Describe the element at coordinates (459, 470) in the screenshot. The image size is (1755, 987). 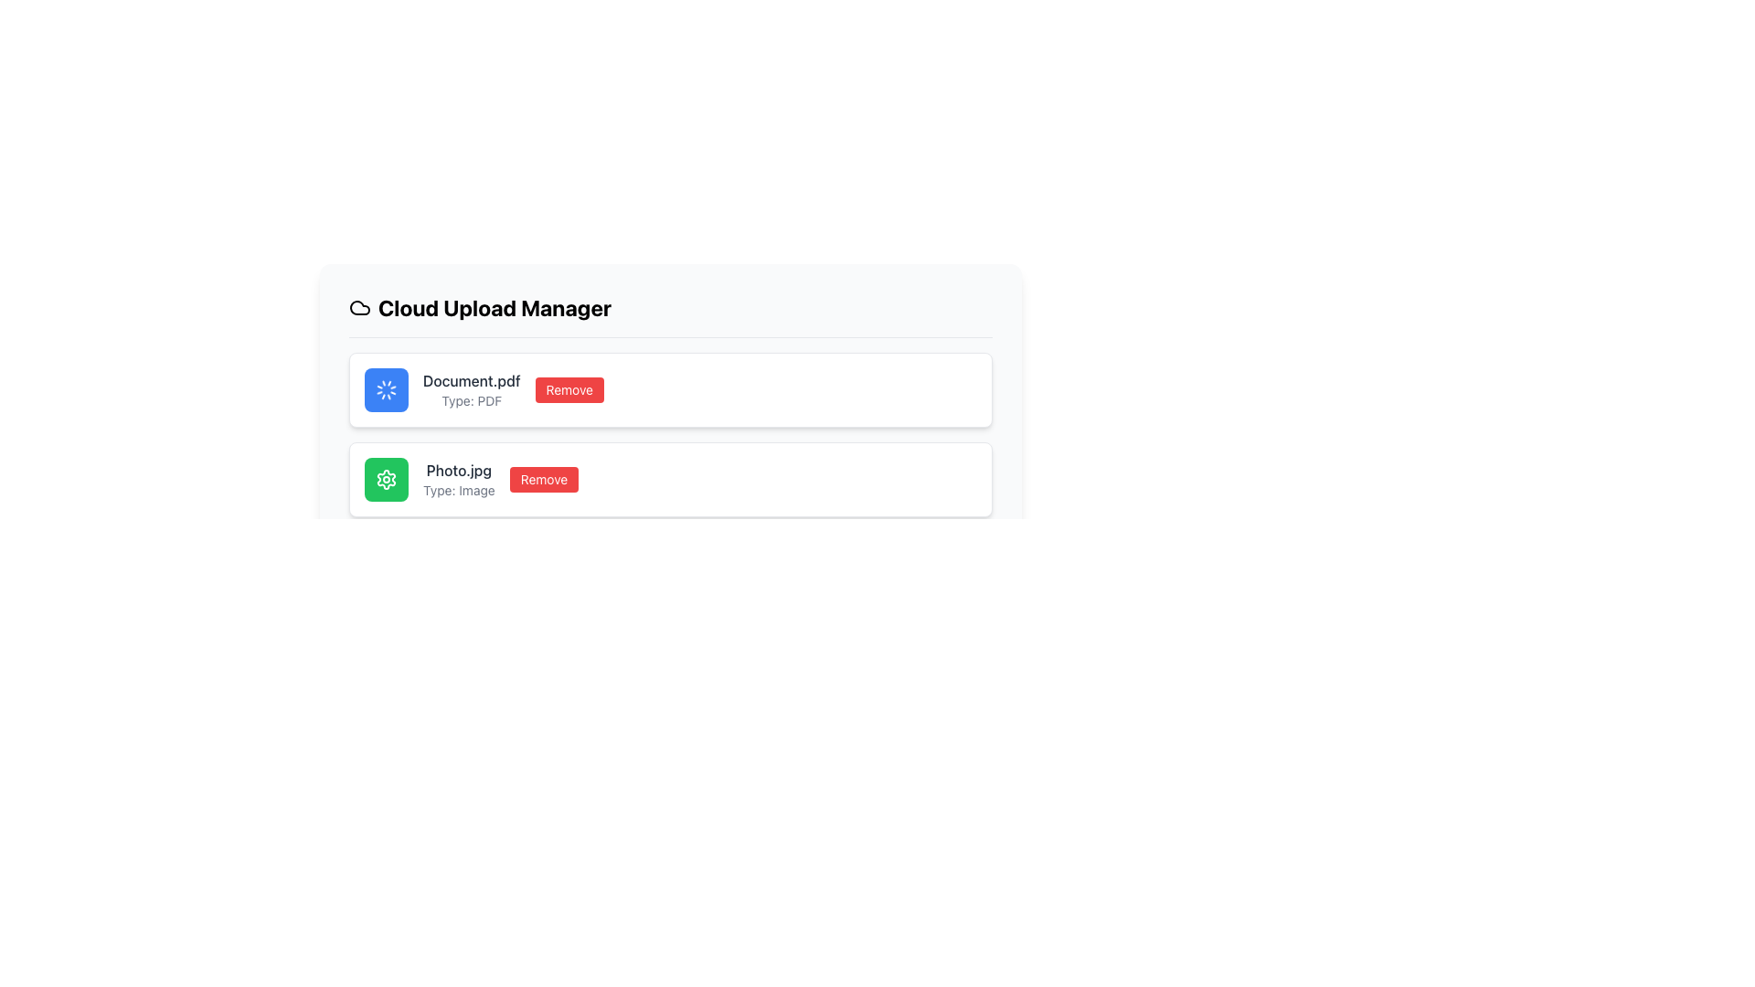
I see `the text label displaying the file name of the second listed item, which has a green icon and the text 'Type: Image' below it` at that location.